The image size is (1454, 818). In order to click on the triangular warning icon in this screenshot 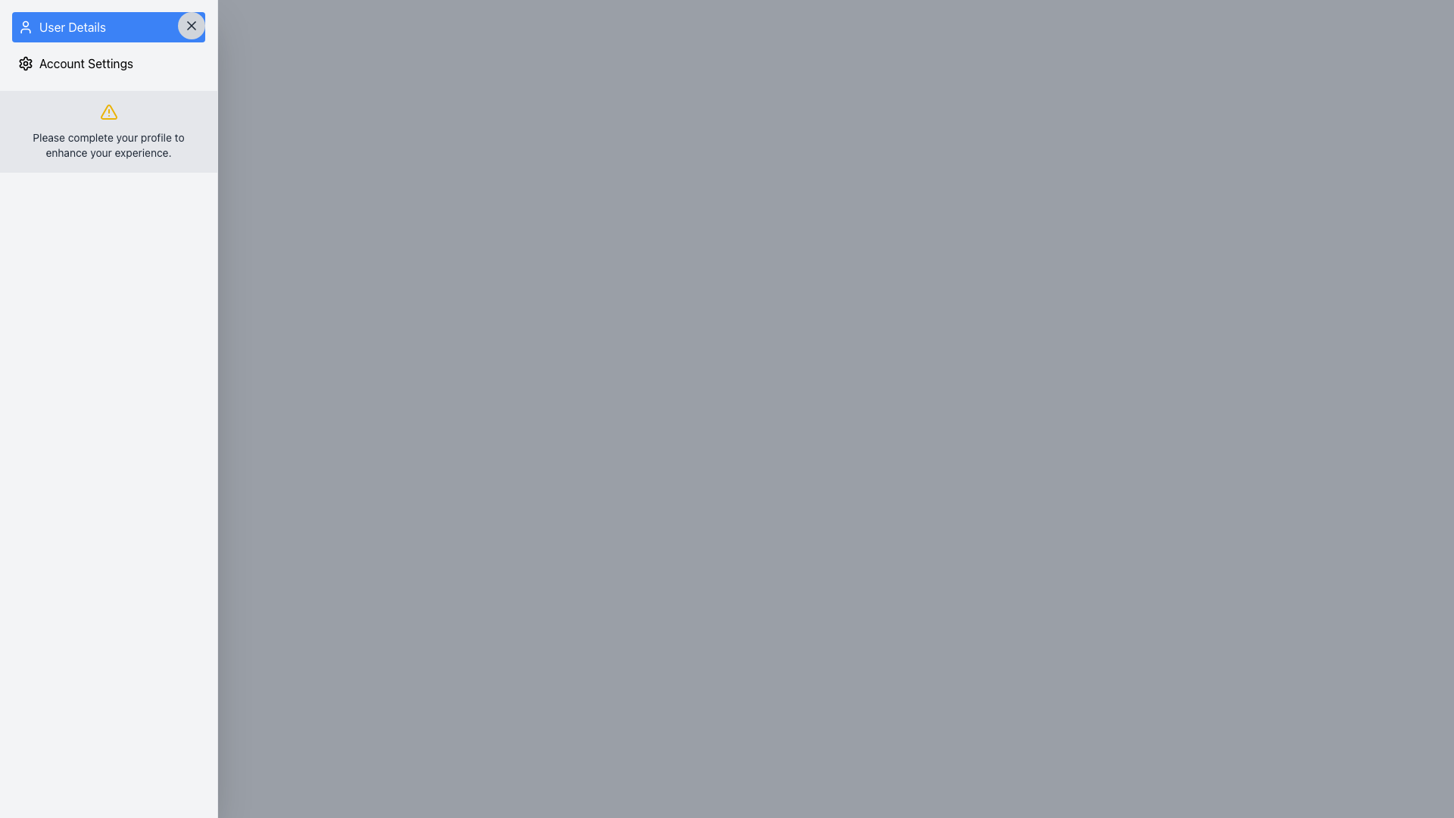, I will do `click(108, 111)`.